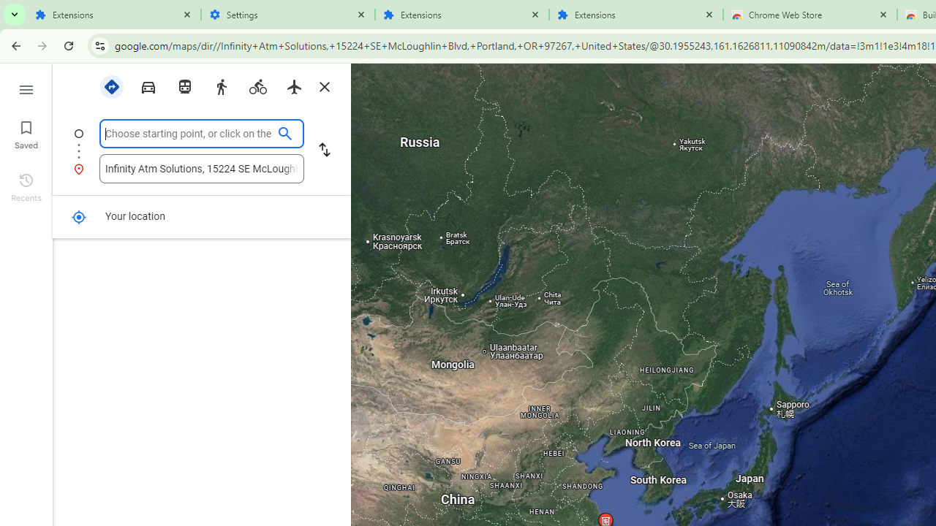 The width and height of the screenshot is (936, 526). Describe the element at coordinates (324, 150) in the screenshot. I see `'Reverse starting point and destination'` at that location.